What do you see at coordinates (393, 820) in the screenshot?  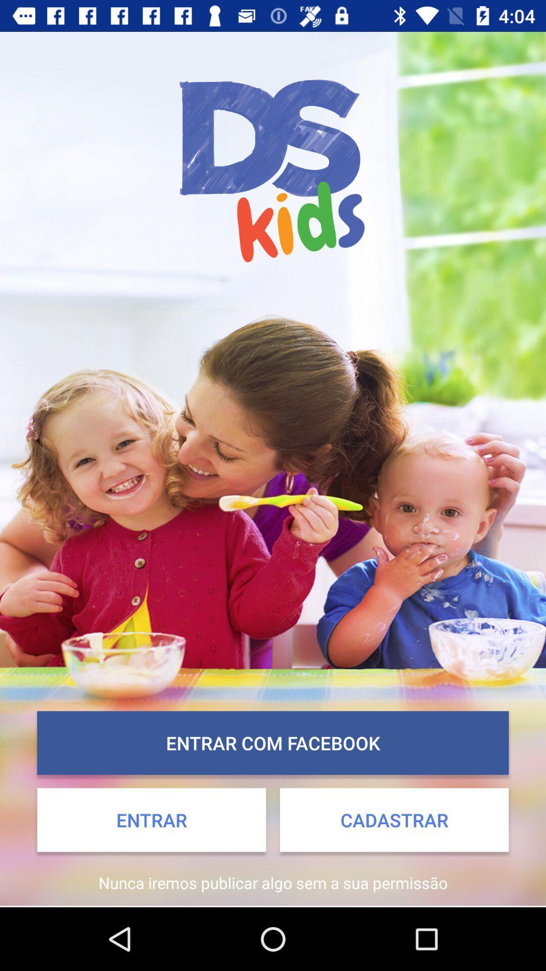 I see `cadastrar item` at bounding box center [393, 820].